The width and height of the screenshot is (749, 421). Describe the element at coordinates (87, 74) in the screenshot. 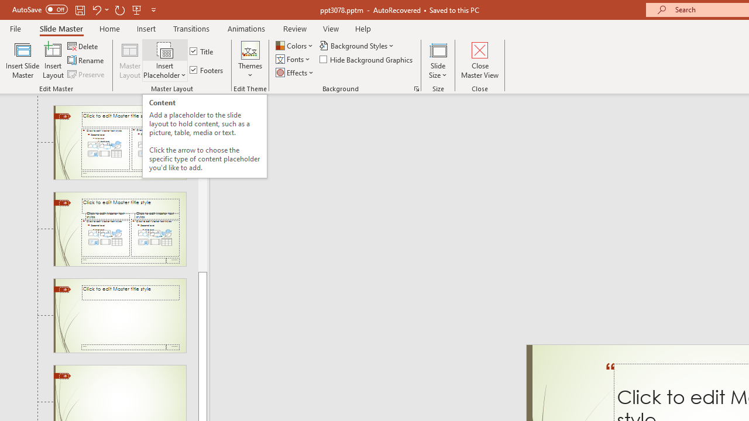

I see `'Preserve'` at that location.